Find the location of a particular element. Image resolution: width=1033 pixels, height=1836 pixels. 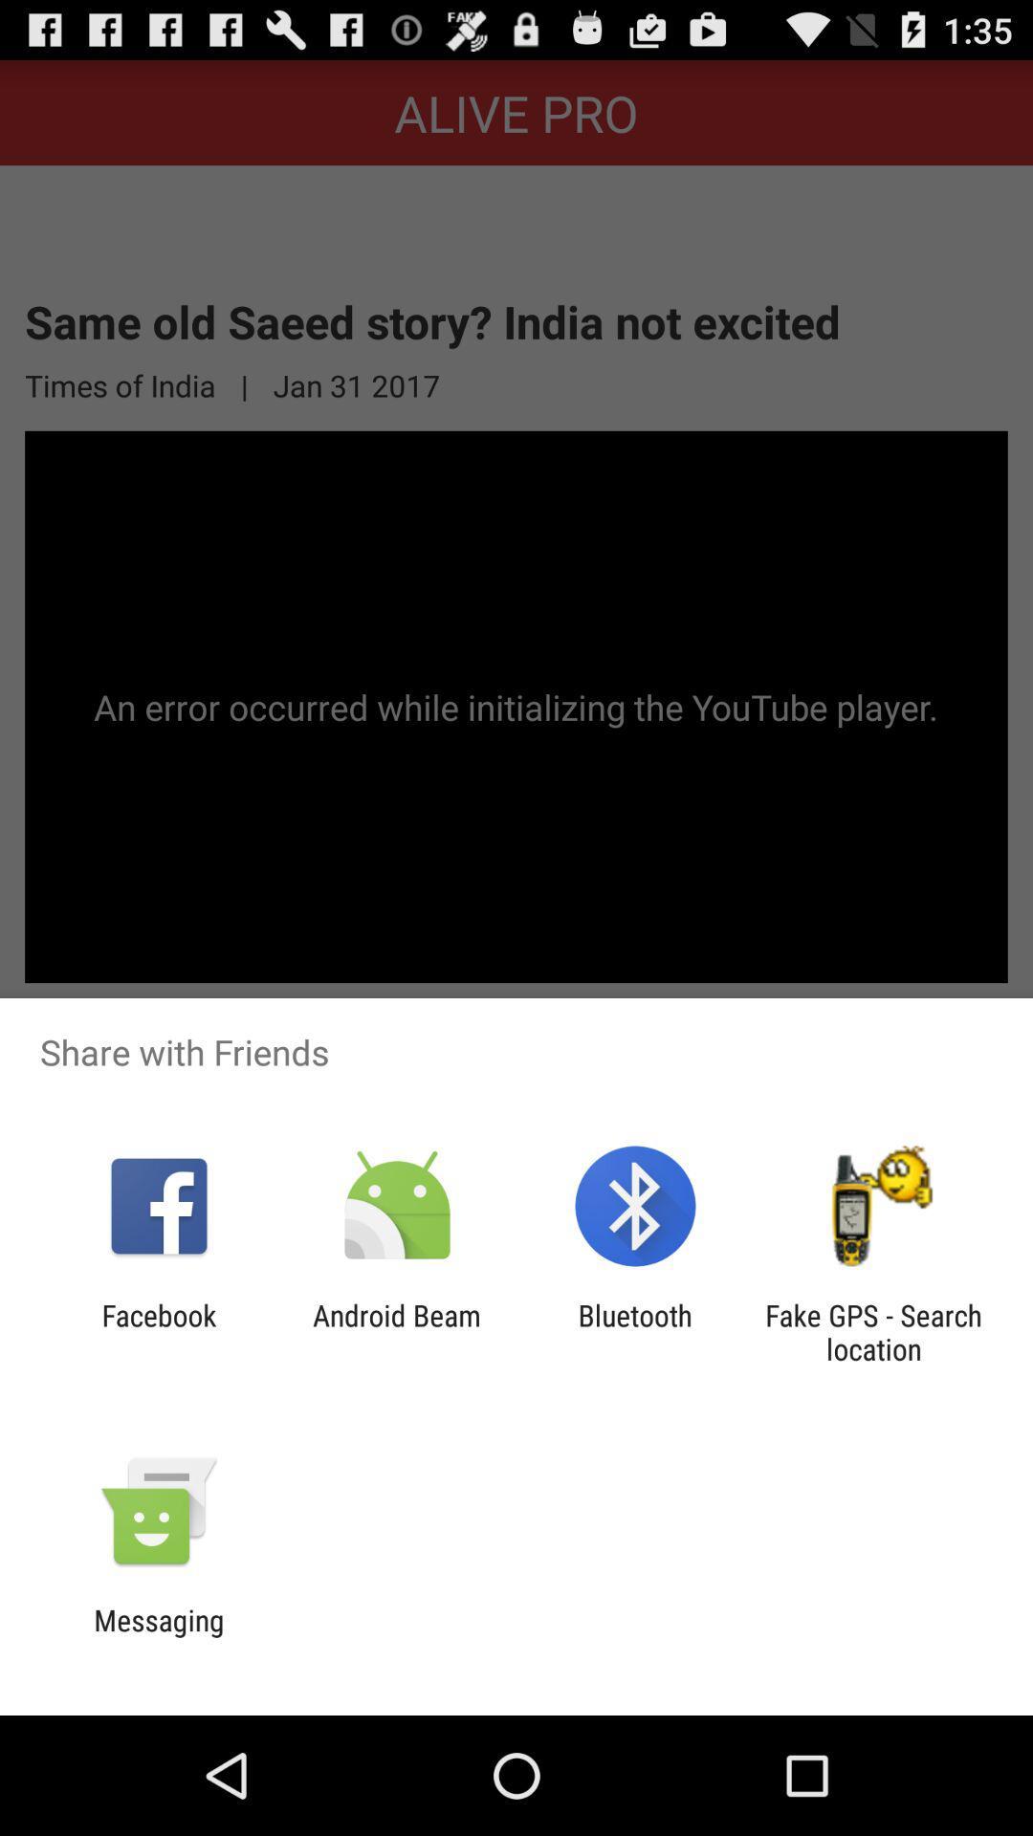

item next to bluetooth icon is located at coordinates (873, 1331).